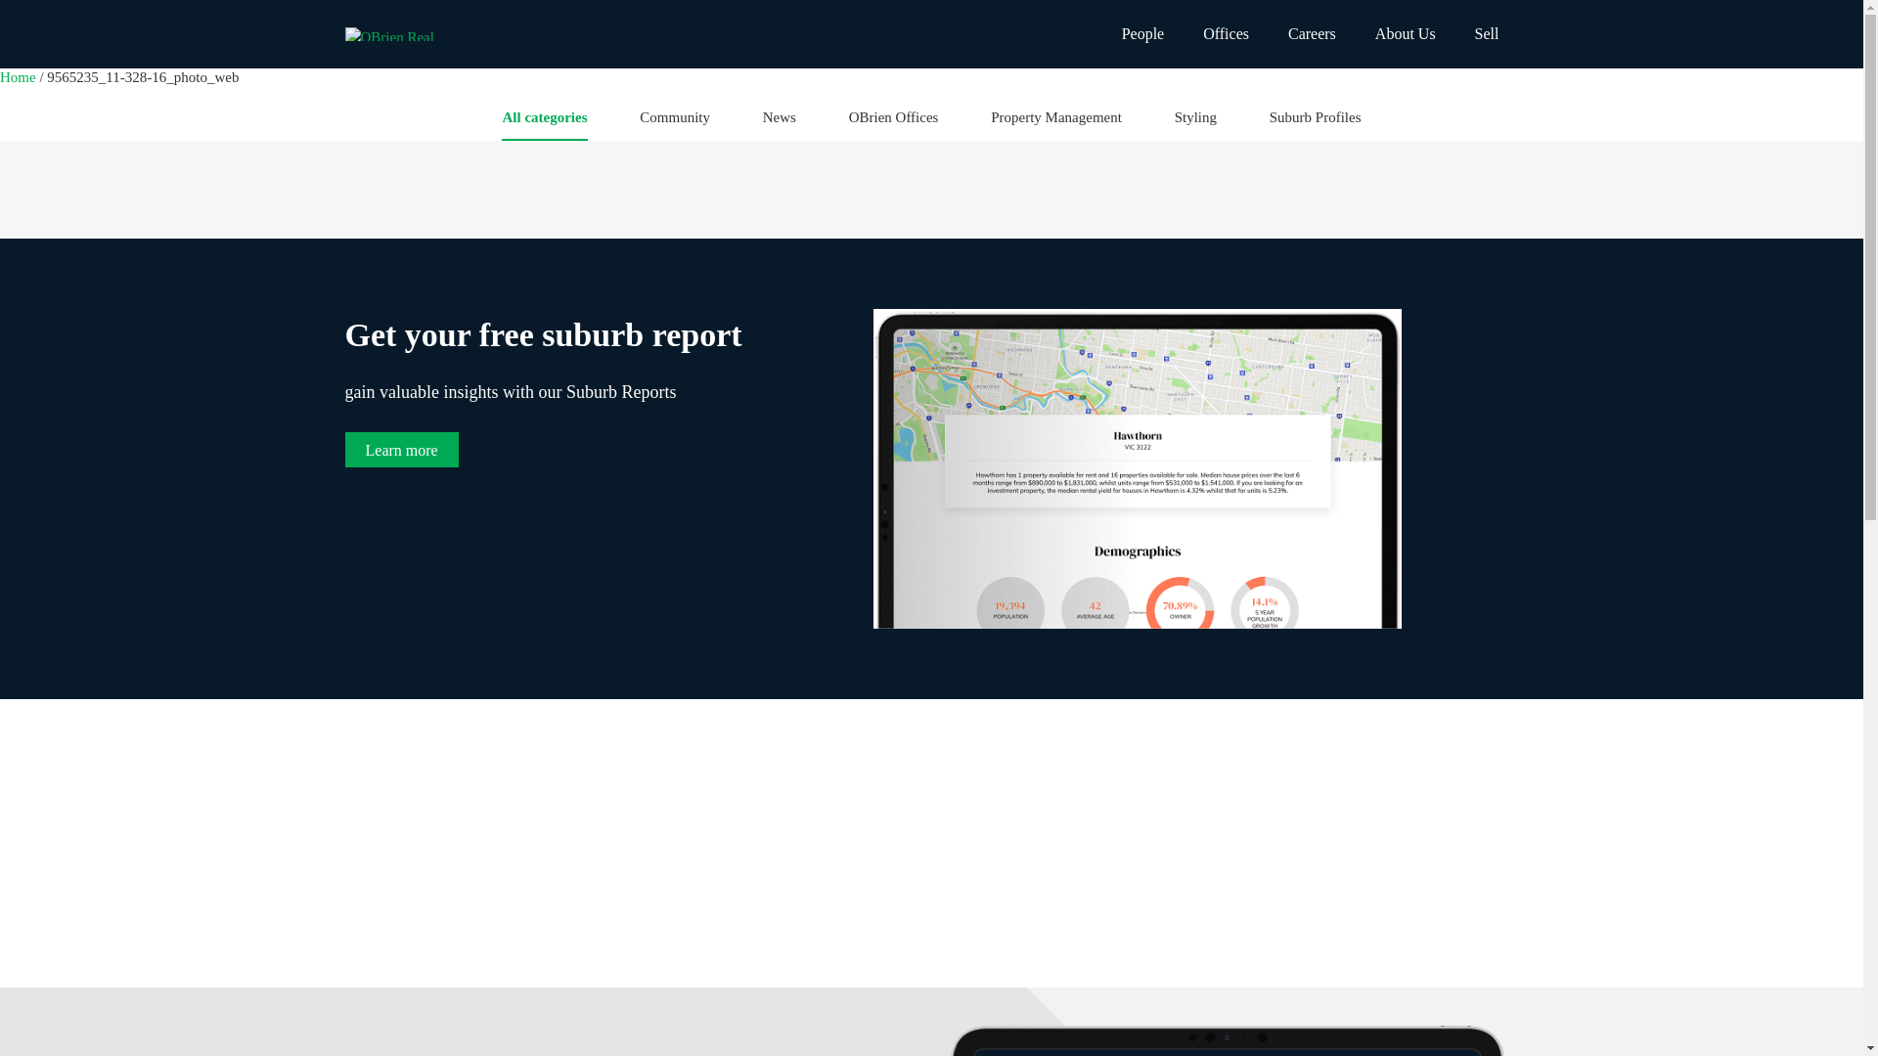 The width and height of the screenshot is (1878, 1056). Describe the element at coordinates (849, 123) in the screenshot. I see `'OBrien Offices'` at that location.